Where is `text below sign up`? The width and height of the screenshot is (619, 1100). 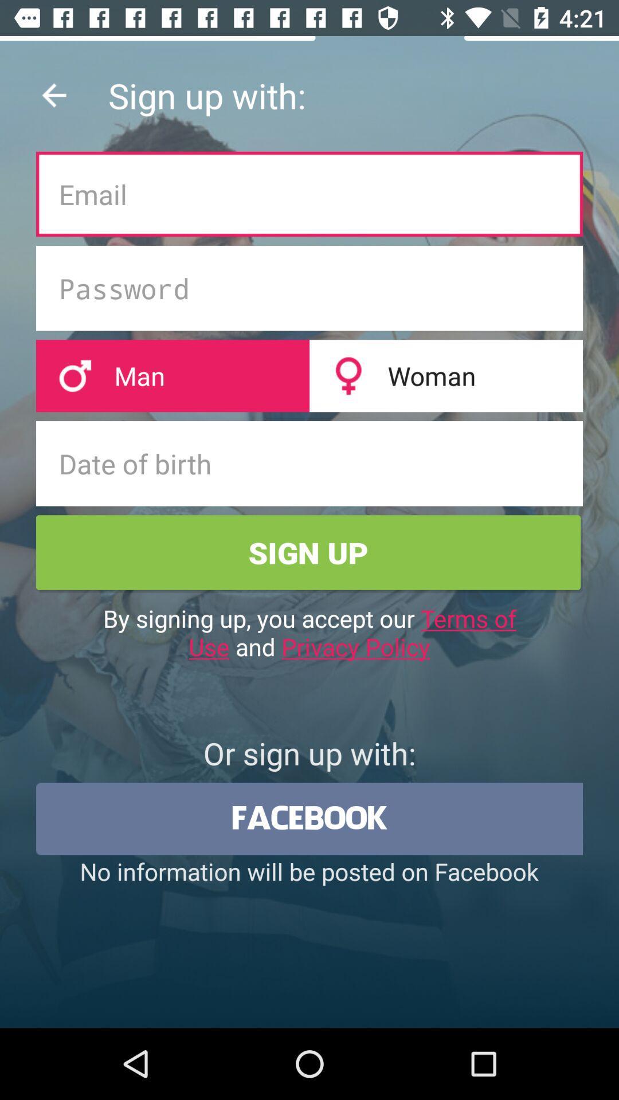 text below sign up is located at coordinates (309, 632).